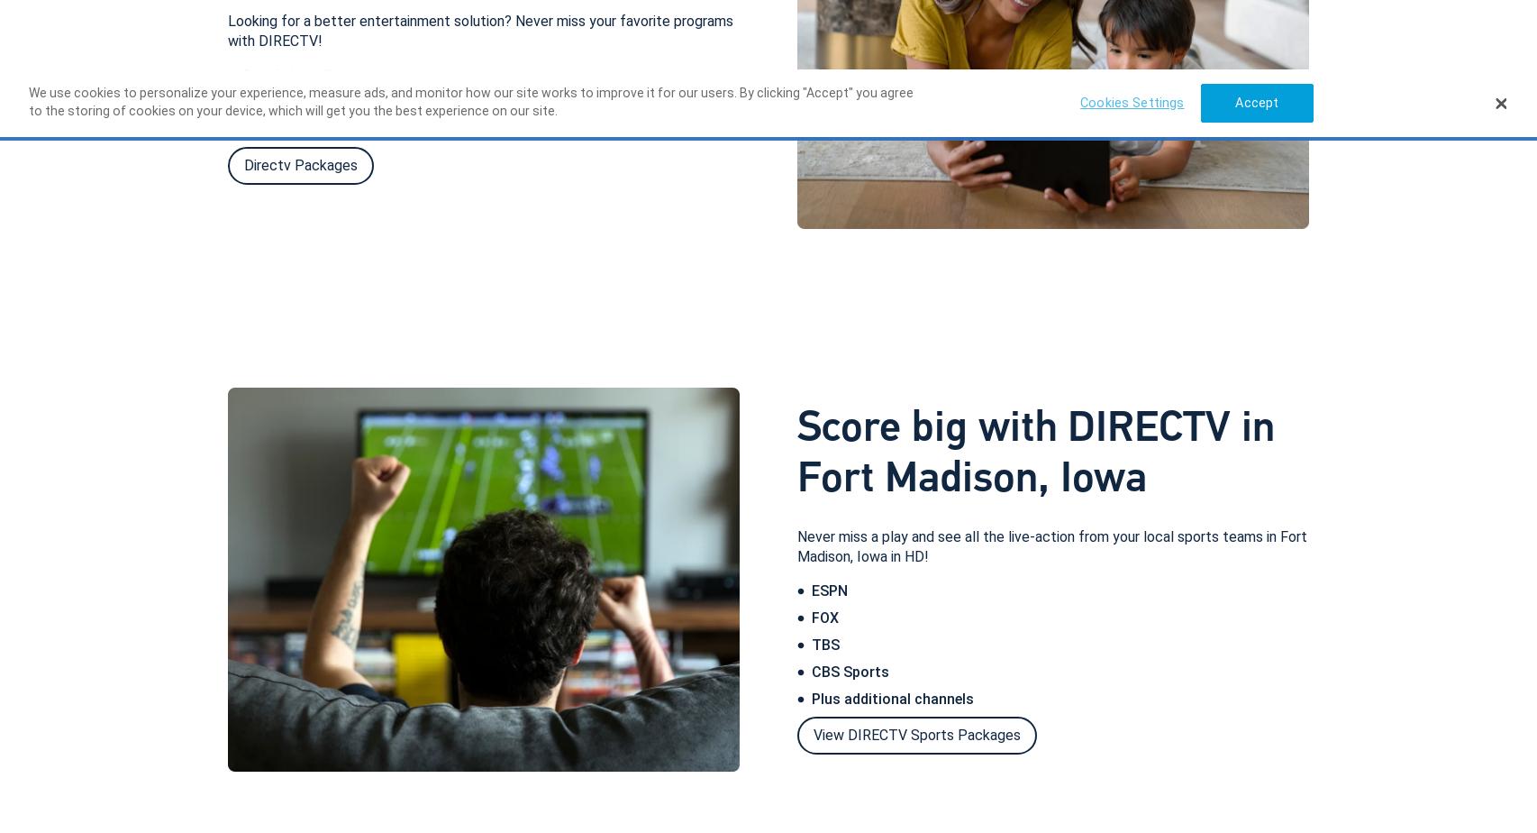  What do you see at coordinates (811, 174) in the screenshot?
I see `'Call'` at bounding box center [811, 174].